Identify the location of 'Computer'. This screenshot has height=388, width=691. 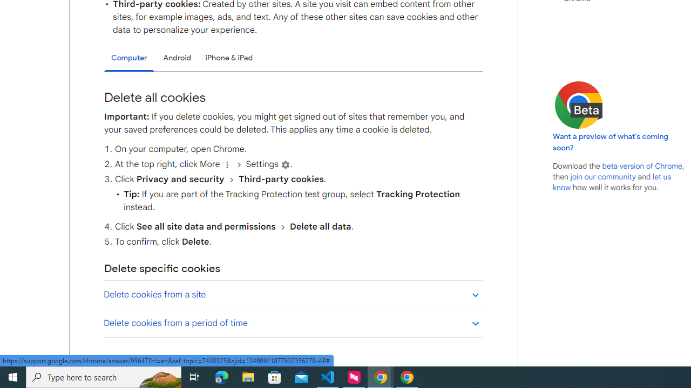
(129, 58).